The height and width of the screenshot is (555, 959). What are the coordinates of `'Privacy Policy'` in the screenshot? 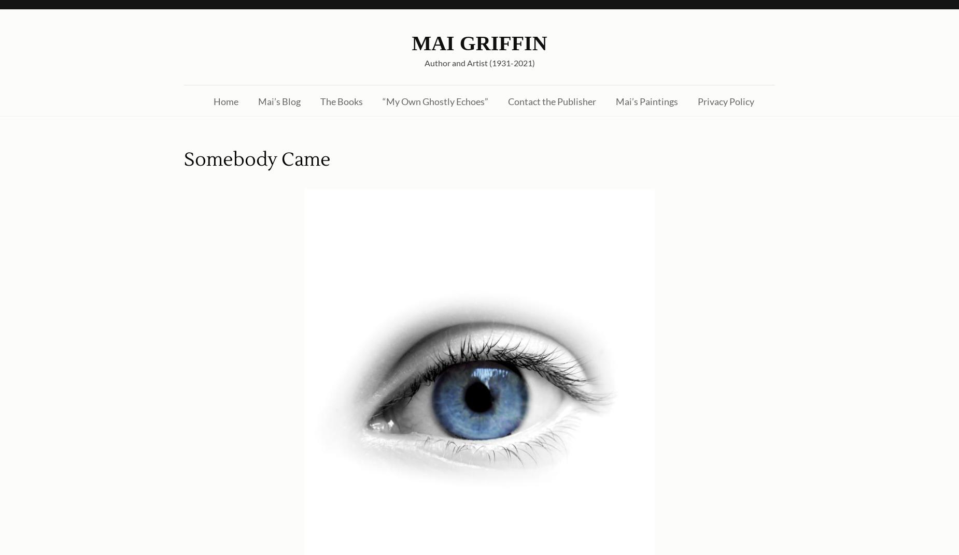 It's located at (697, 100).